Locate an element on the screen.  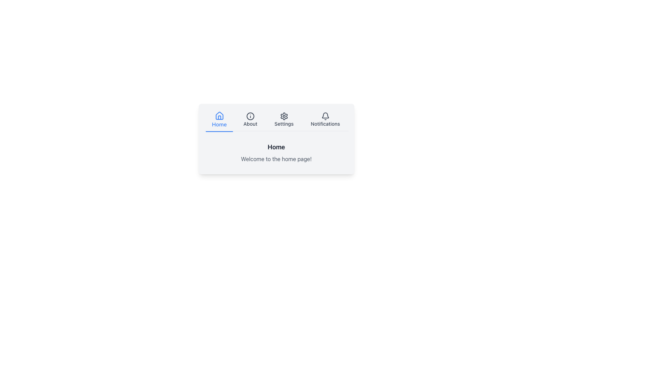
the introductory message text located below the 'Home' text on the home page is located at coordinates (276, 159).